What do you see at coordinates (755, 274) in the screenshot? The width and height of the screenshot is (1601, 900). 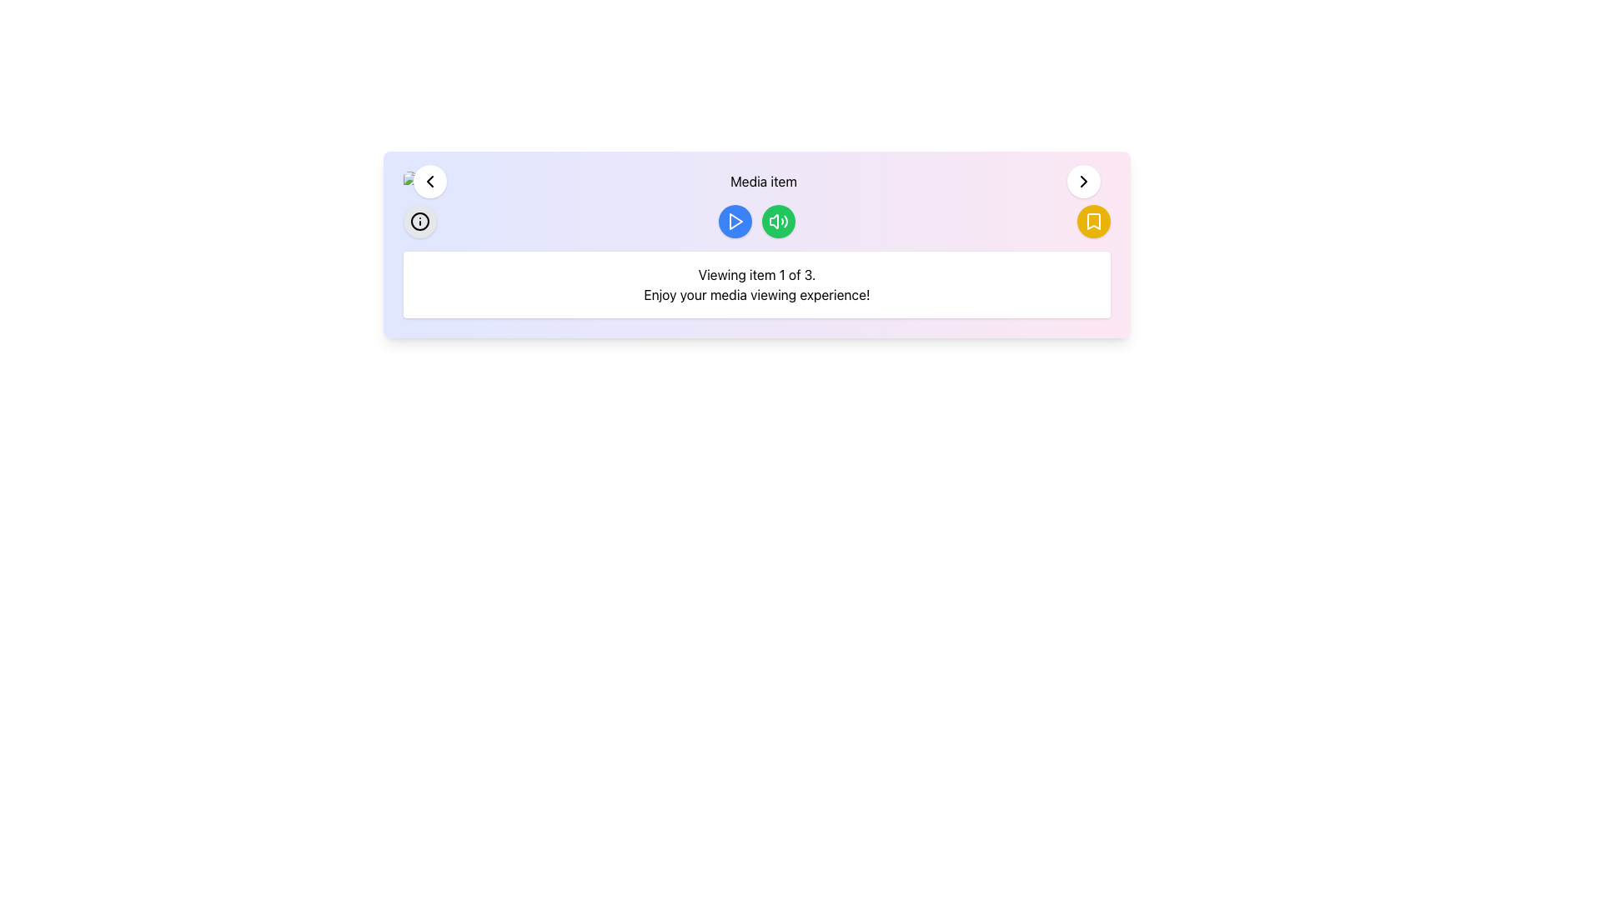 I see `progress information text label indicating that the user is viewing the first item out of a total of three, which is centrally located above the line of text 'Enjoy your media viewing experience!' and below the header 'Media Item'` at bounding box center [755, 274].